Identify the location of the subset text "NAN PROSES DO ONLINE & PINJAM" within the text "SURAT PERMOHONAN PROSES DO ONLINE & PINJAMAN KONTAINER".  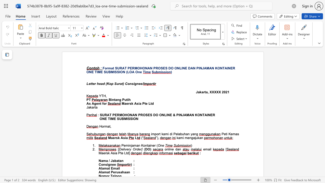
(130, 115).